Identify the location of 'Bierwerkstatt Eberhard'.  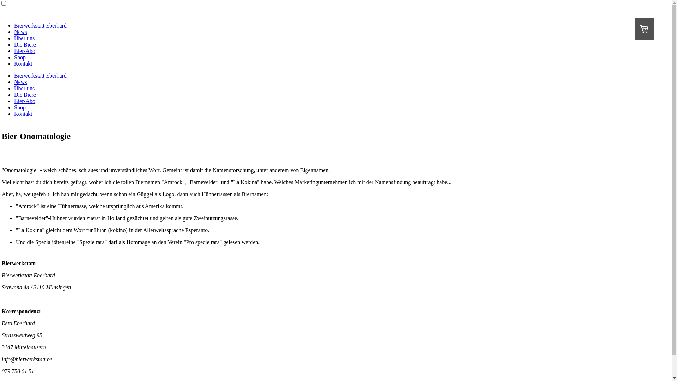
(40, 75).